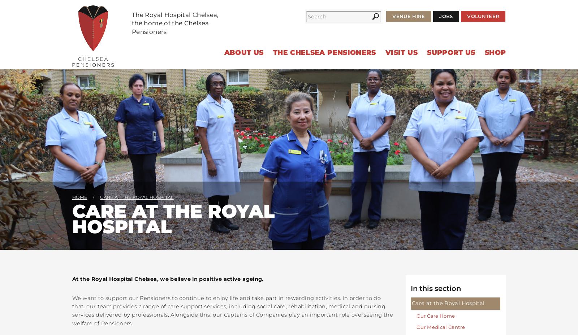 The width and height of the screenshot is (578, 335). What do you see at coordinates (495, 52) in the screenshot?
I see `'Shop'` at bounding box center [495, 52].